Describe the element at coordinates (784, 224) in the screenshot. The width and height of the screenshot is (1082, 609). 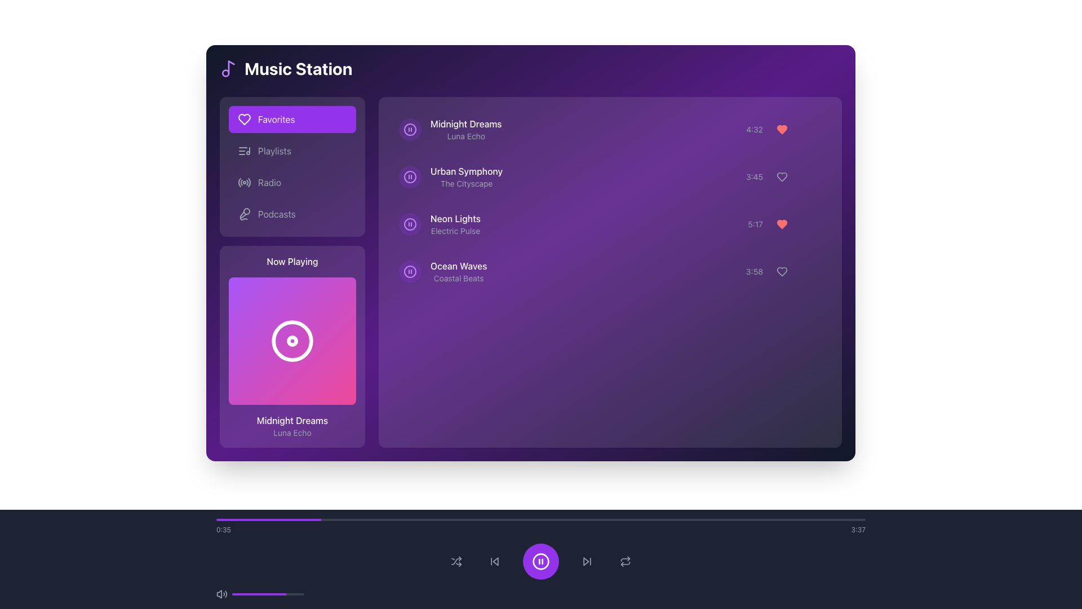
I see `the heart icon located in the 'Neon Lights' row of the playlist section to trigger the visual tooltip or effect` at that location.